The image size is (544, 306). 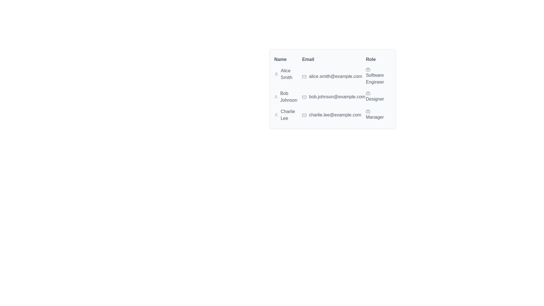 What do you see at coordinates (378, 115) in the screenshot?
I see `the Text with a decorative icon displaying 'Manager' for user 'Charlie Lee' in the Role column of the table` at bounding box center [378, 115].